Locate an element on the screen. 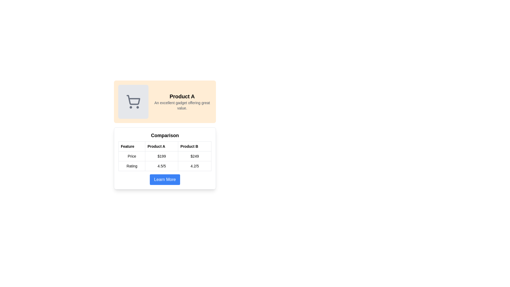 The image size is (510, 287). the Text Cell displaying the price of Product A, which is located as the middle cell in the first row of a table, between the 'Price' cell on the left and the '$249' cell on the right is located at coordinates (164, 156).